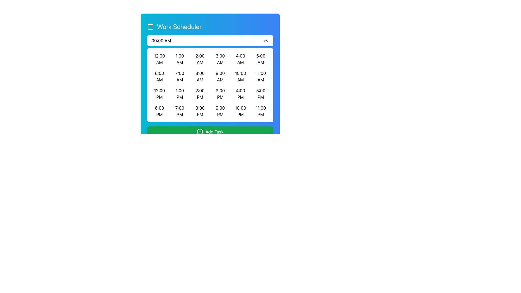  I want to click on the interactive time slot button for '9:00 PM', so click(220, 111).